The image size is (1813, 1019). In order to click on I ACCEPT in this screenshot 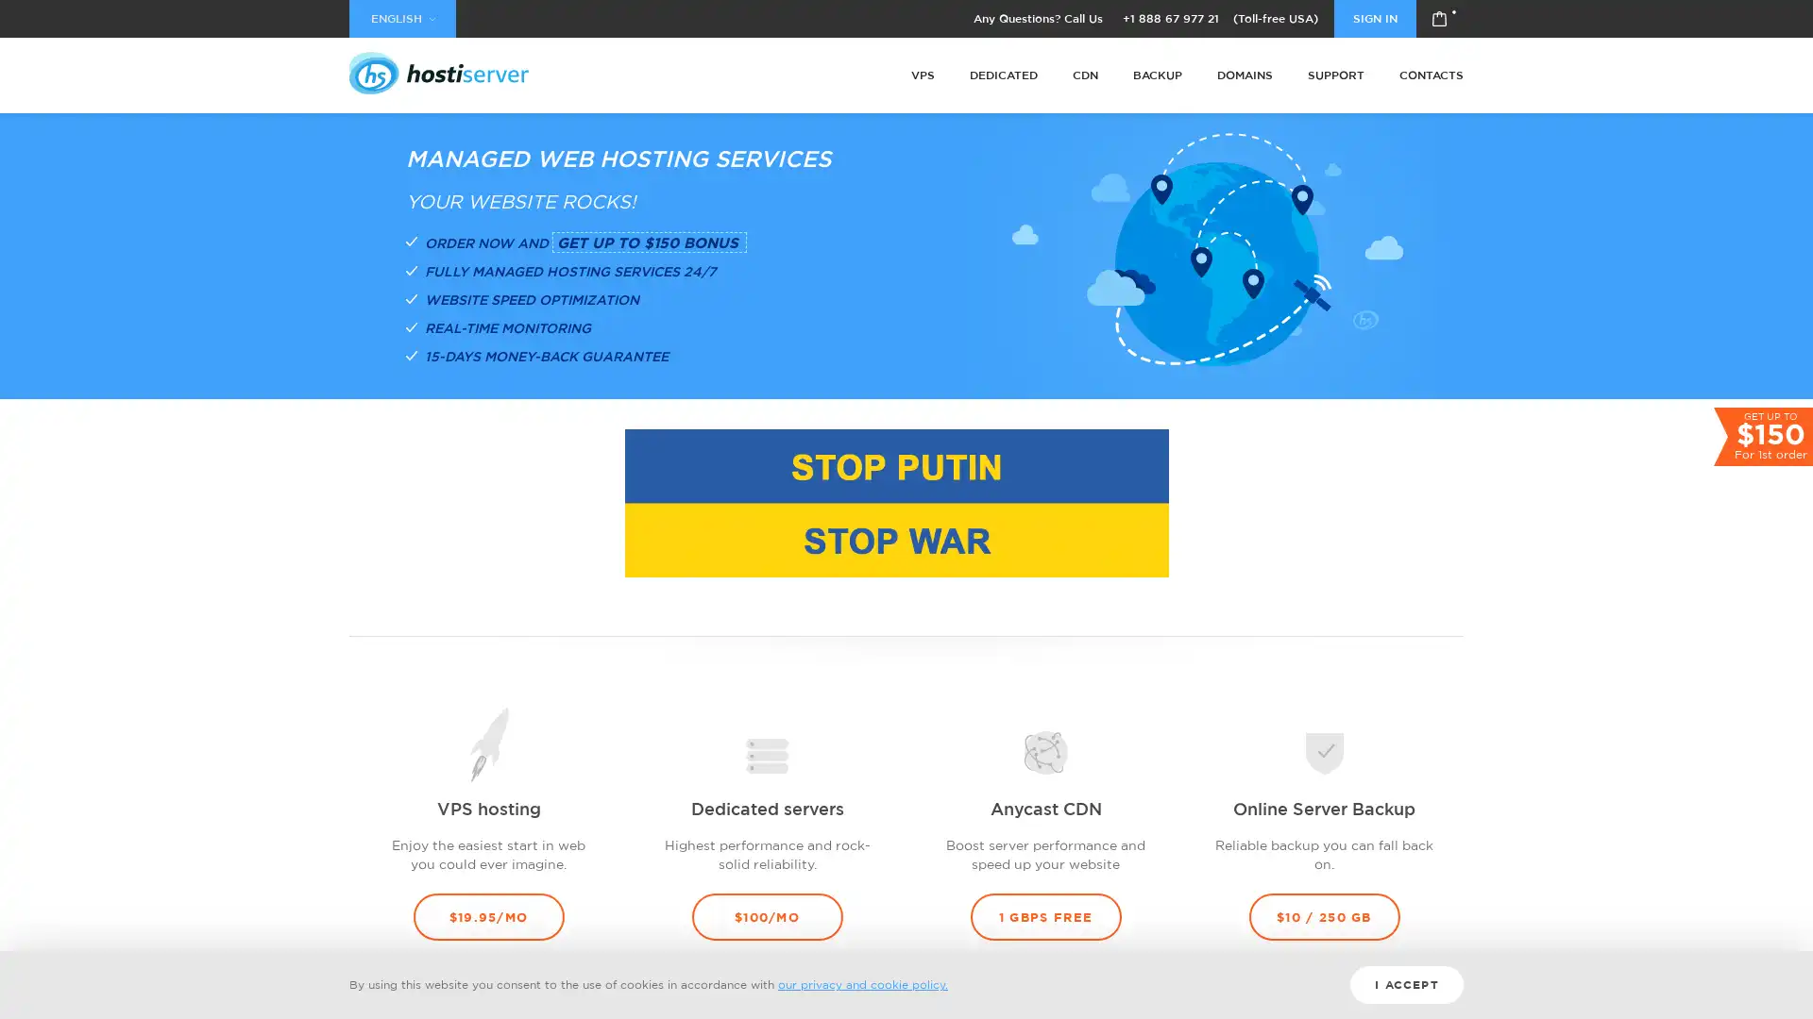, I will do `click(1406, 984)`.